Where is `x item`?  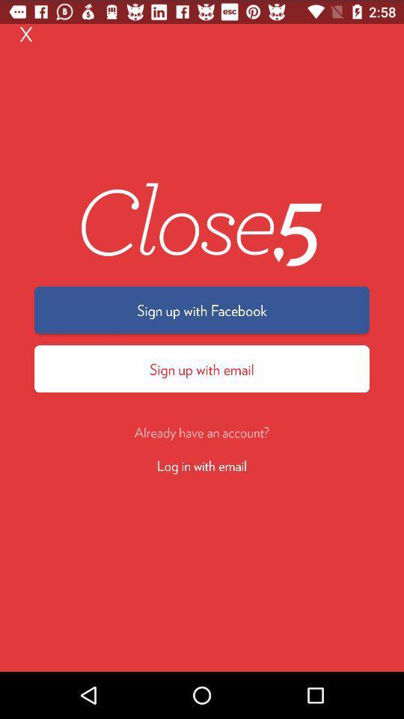 x item is located at coordinates (26, 32).